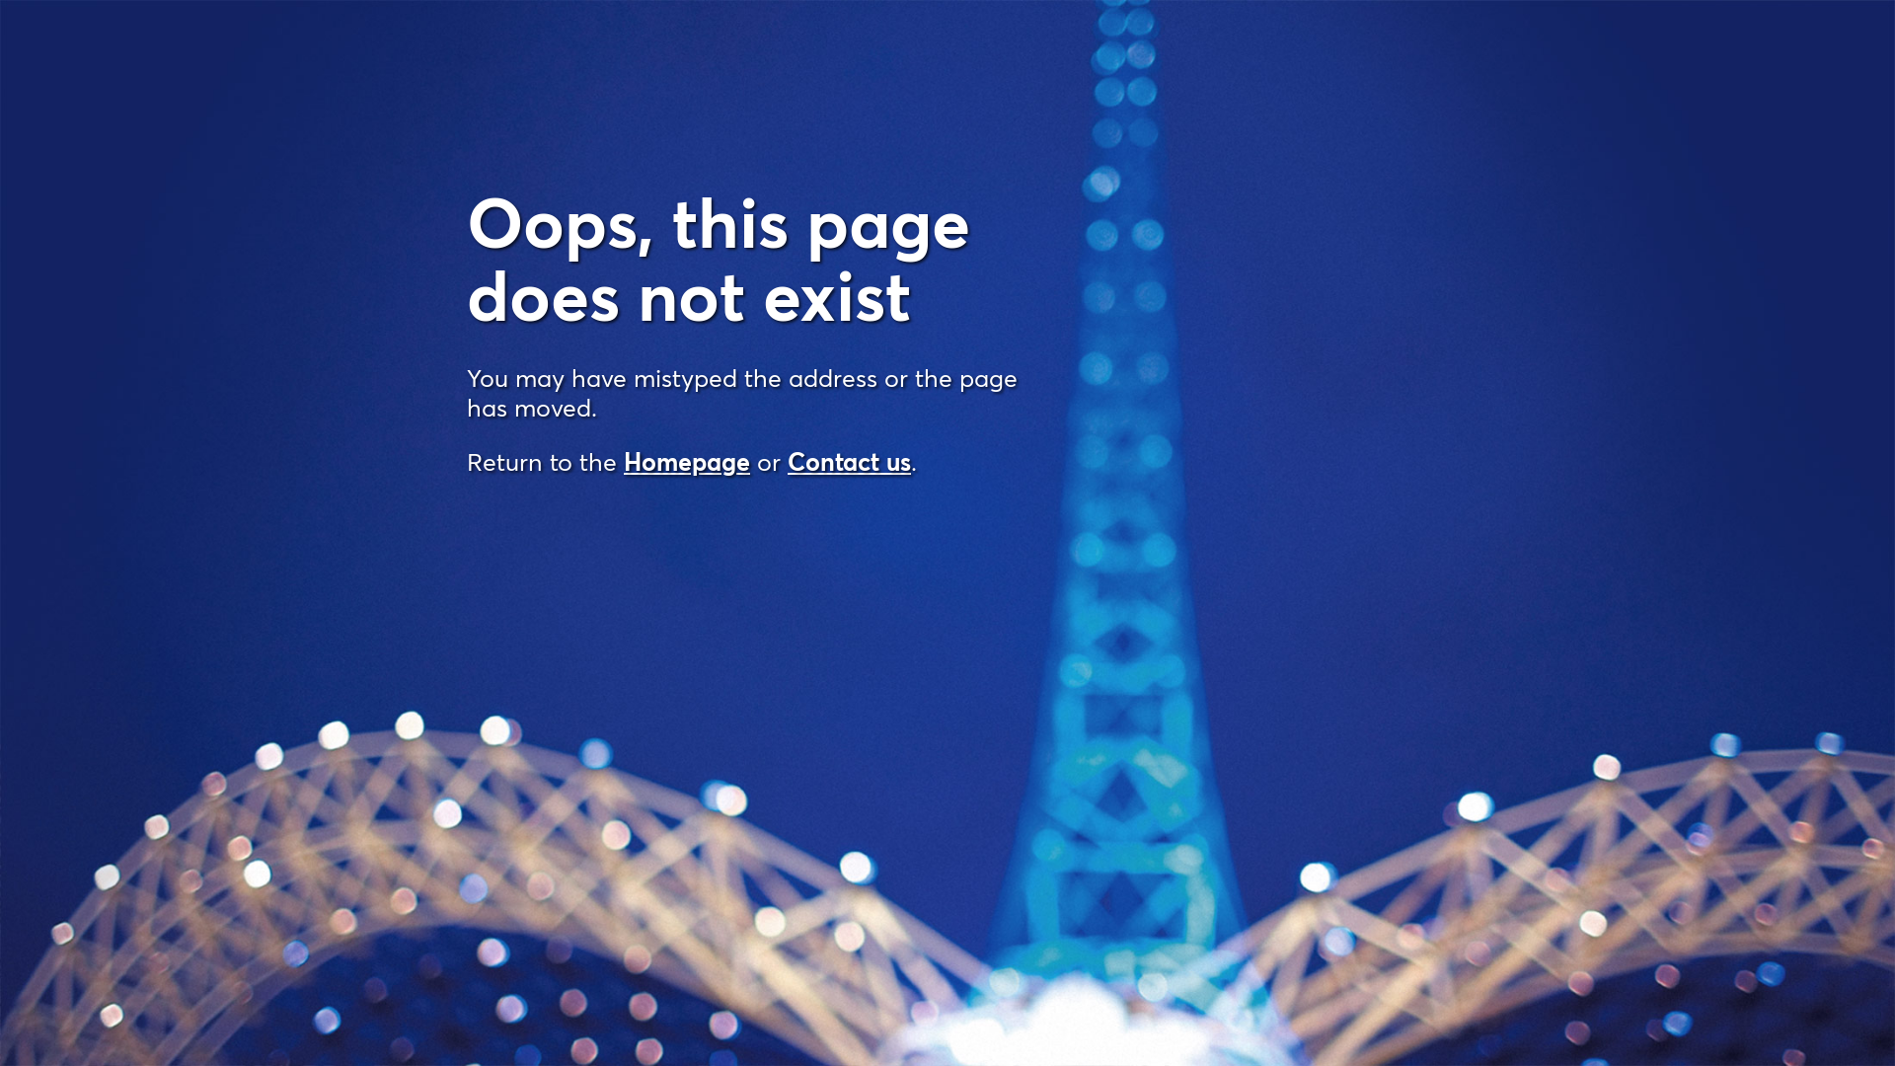  I want to click on 'Contact us', so click(849, 461).